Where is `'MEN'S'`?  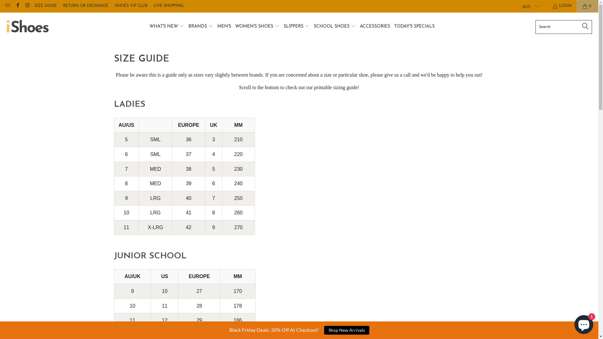
'MEN'S' is located at coordinates (217, 26).